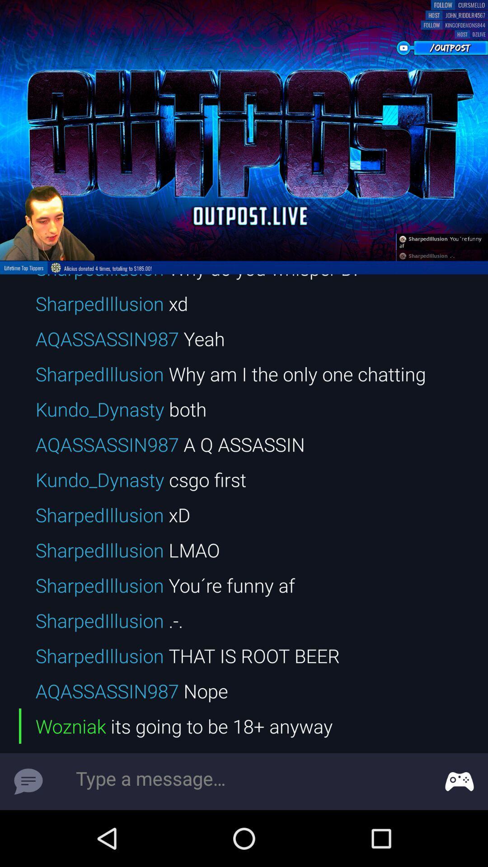 This screenshot has width=488, height=867. I want to click on message, so click(28, 781).